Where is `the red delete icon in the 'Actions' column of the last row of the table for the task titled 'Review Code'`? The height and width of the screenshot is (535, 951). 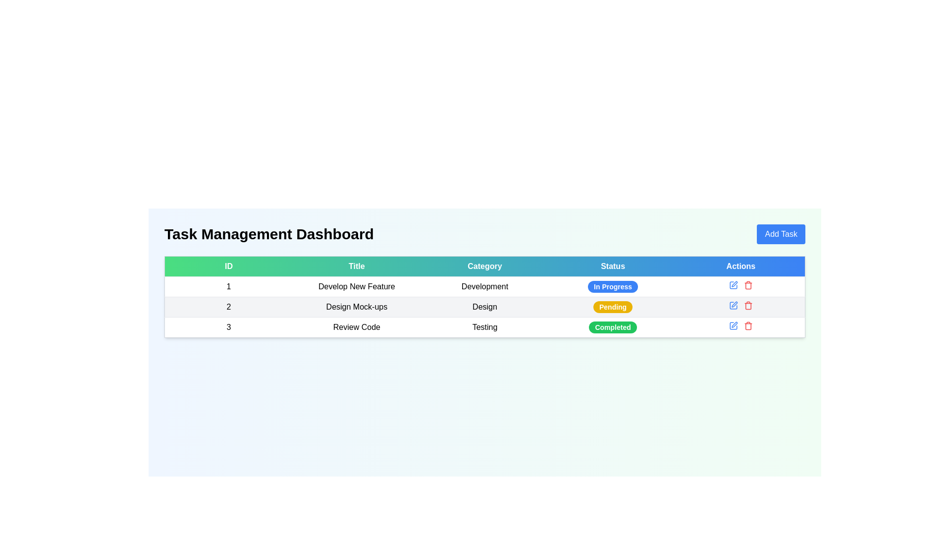 the red delete icon in the 'Actions' column of the last row of the table for the task titled 'Review Code' is located at coordinates (740, 326).